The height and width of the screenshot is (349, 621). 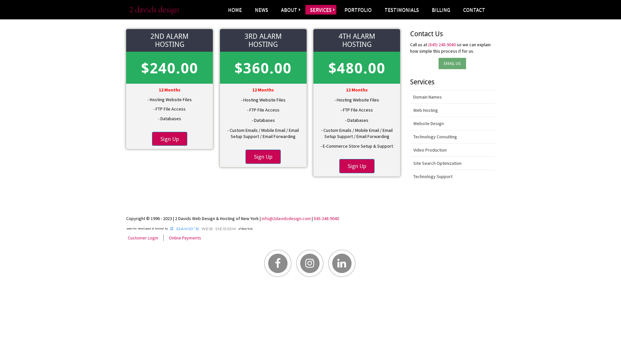 What do you see at coordinates (452, 123) in the screenshot?
I see `'Website Design'` at bounding box center [452, 123].